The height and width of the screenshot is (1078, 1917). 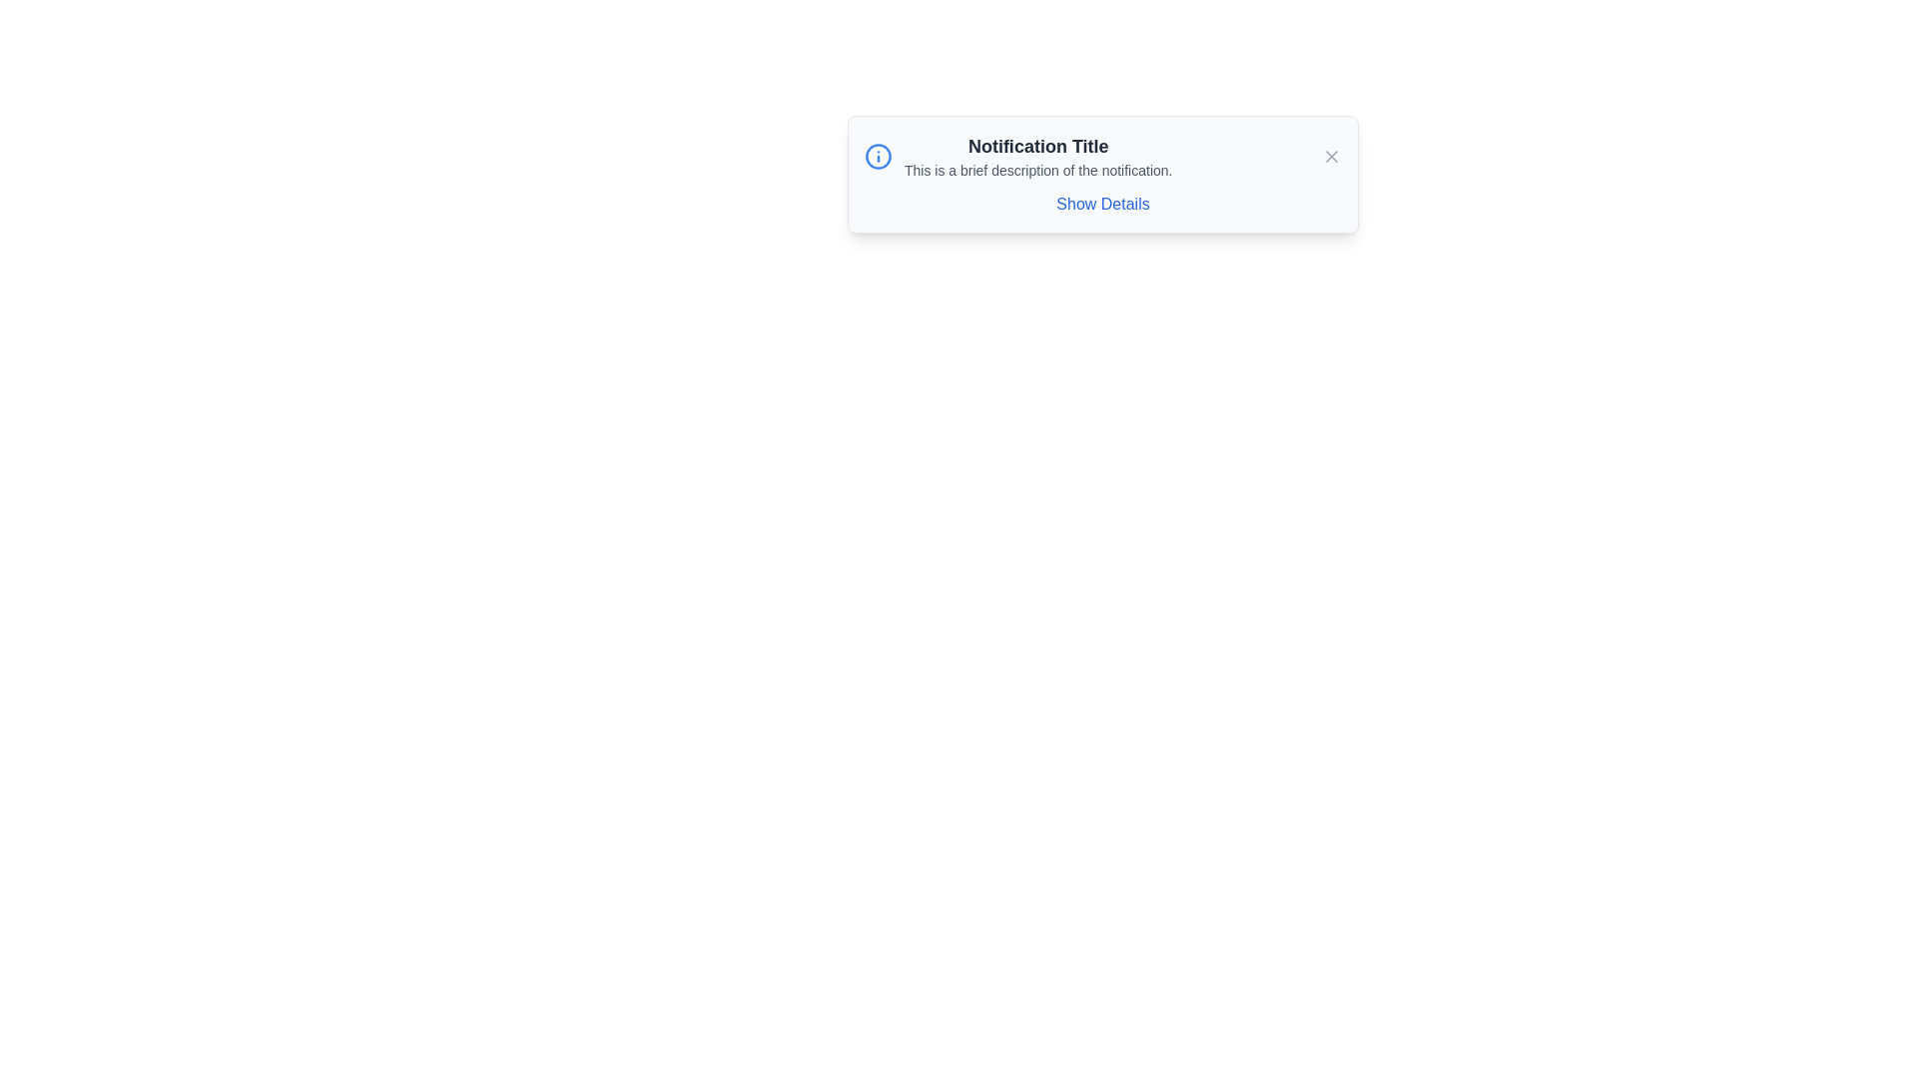 What do you see at coordinates (1038, 156) in the screenshot?
I see `content displayed in the text-based label that shows the title 'Notification Title' and the description 'This is a brief description of the notification.'` at bounding box center [1038, 156].